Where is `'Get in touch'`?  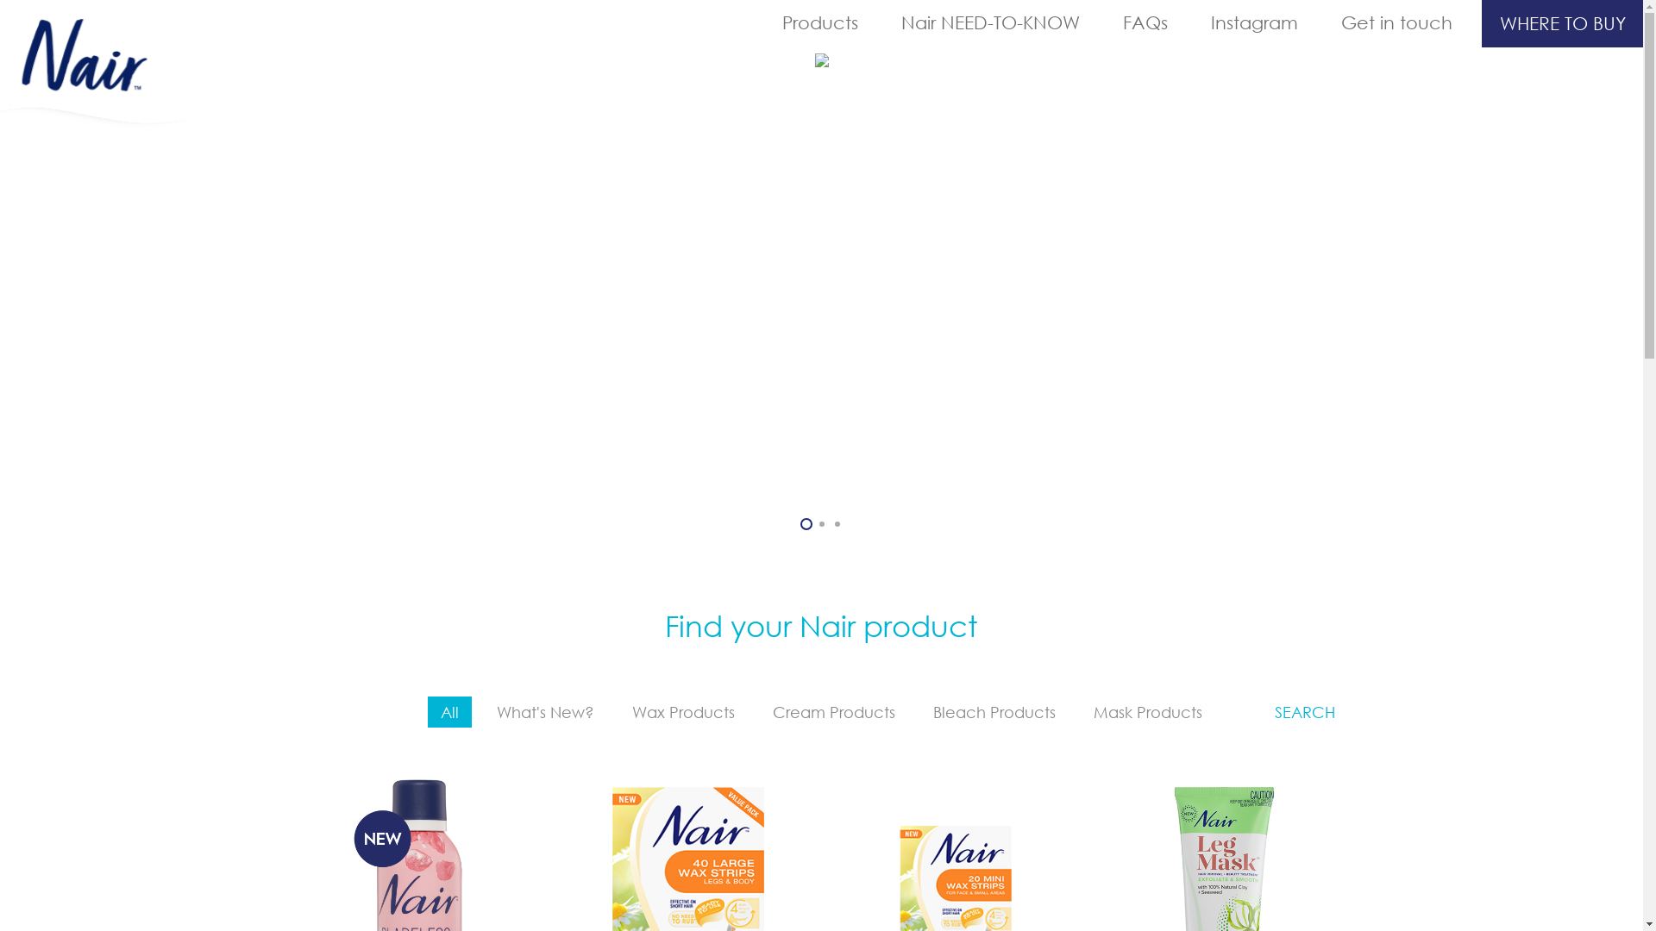
'Get in touch' is located at coordinates (1396, 22).